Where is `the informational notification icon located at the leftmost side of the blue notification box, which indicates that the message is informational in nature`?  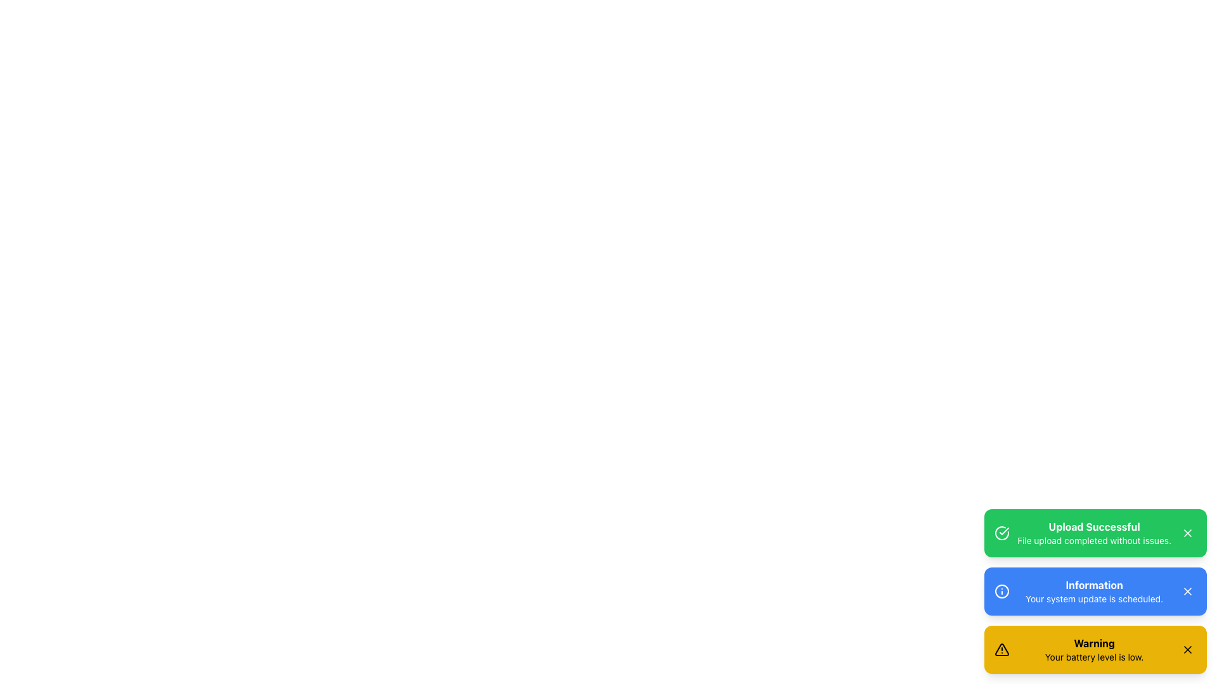 the informational notification icon located at the leftmost side of the blue notification box, which indicates that the message is informational in nature is located at coordinates (1001, 591).